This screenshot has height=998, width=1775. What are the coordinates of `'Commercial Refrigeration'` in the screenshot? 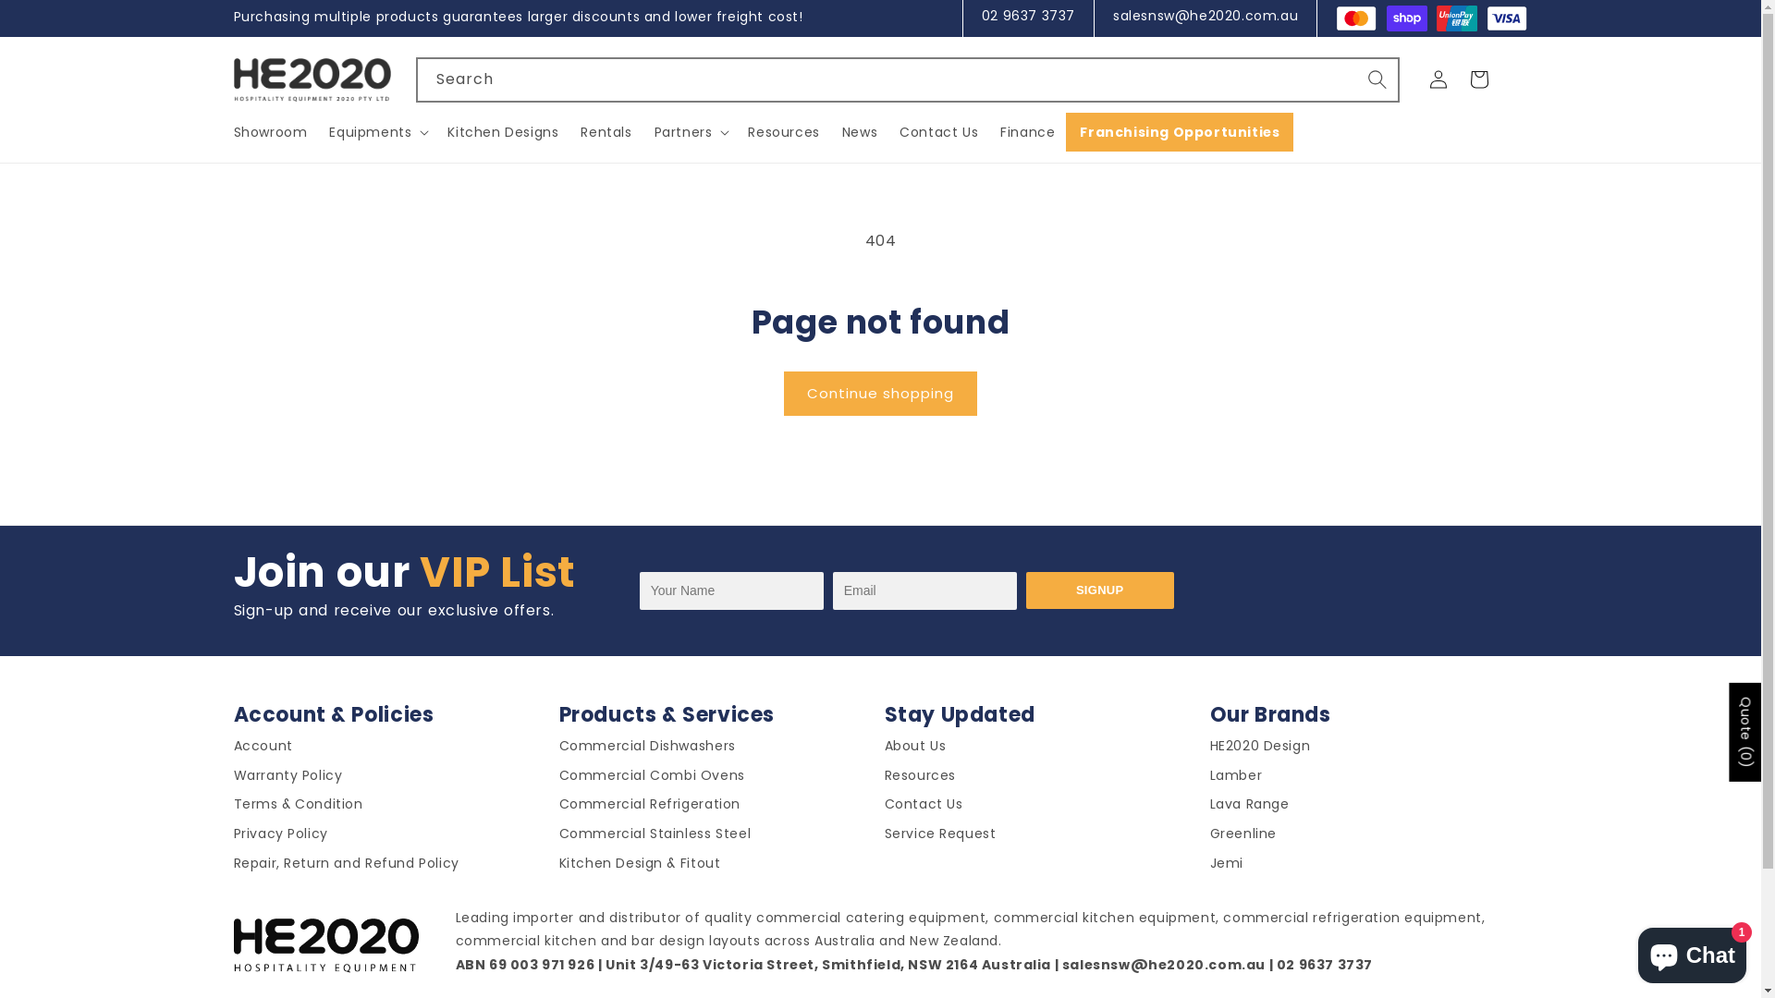 It's located at (648, 807).